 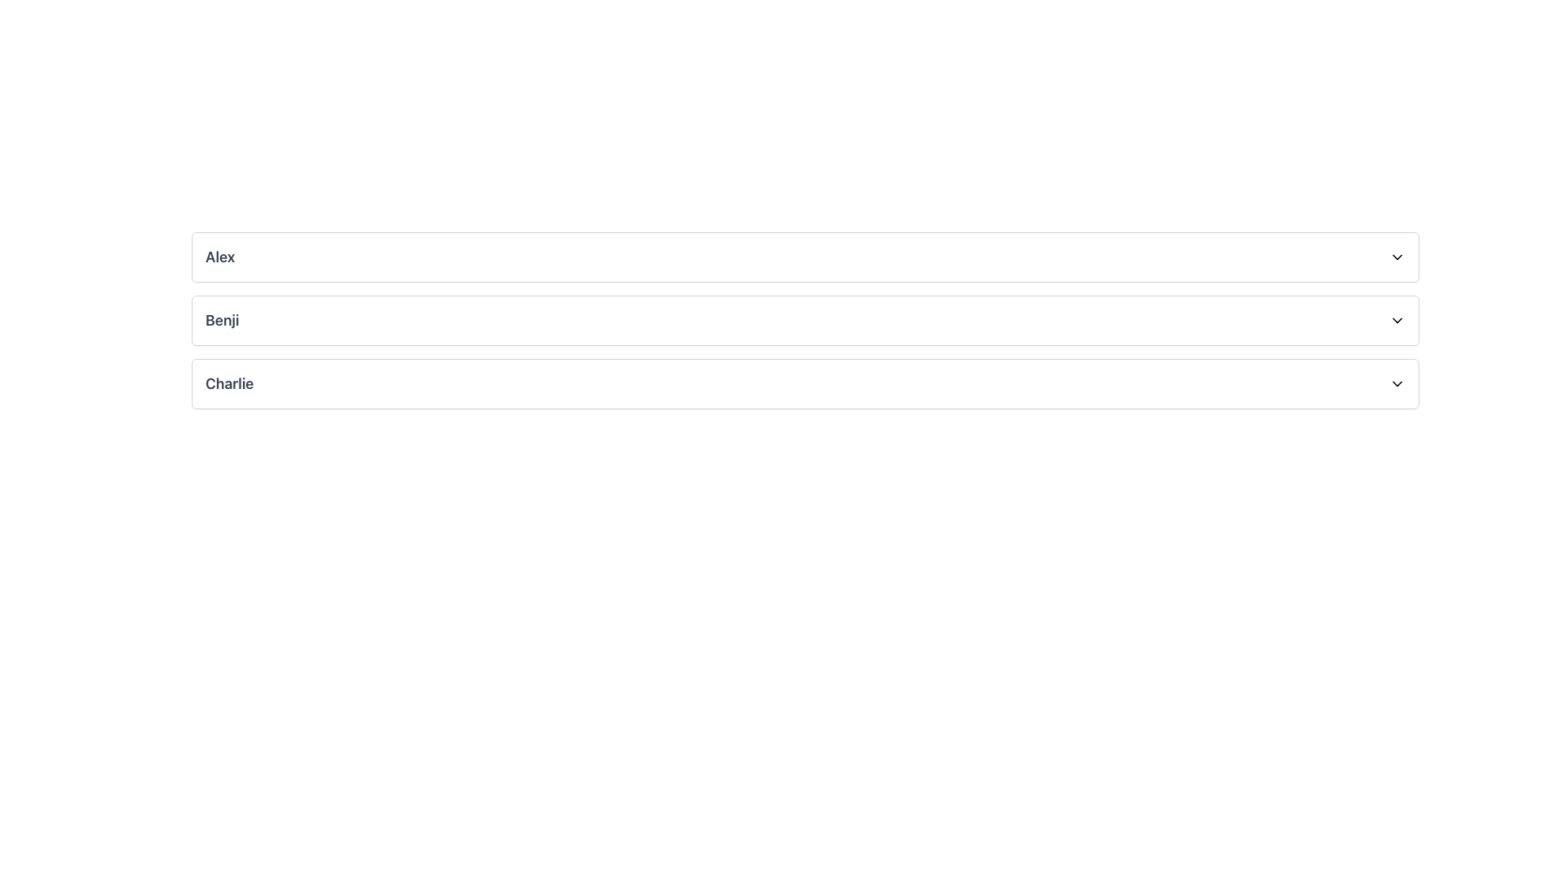 I want to click on the chevron icon located to the right of the text 'Alex', so click(x=1396, y=256).